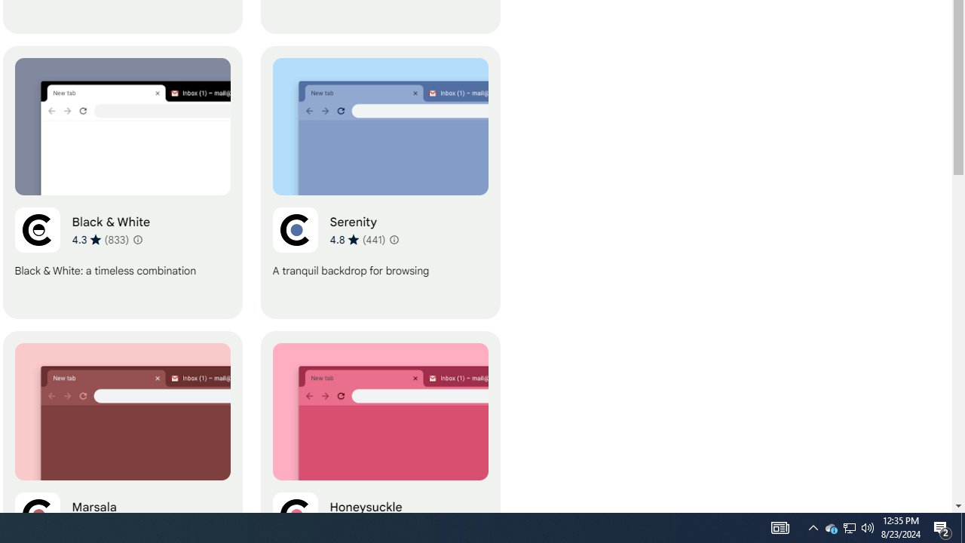  What do you see at coordinates (380, 182) in the screenshot?
I see `'Serenity'` at bounding box center [380, 182].